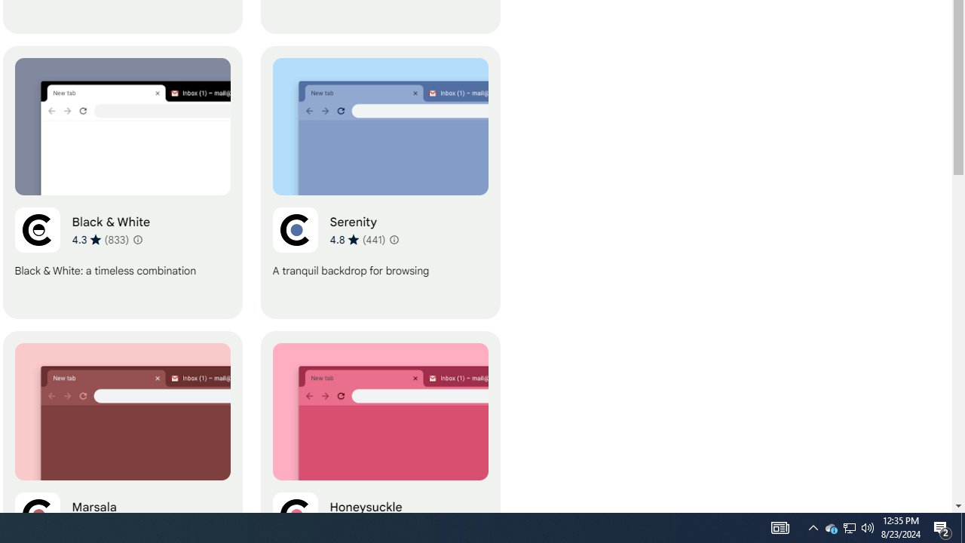  What do you see at coordinates (380, 182) in the screenshot?
I see `'Serenity'` at bounding box center [380, 182].